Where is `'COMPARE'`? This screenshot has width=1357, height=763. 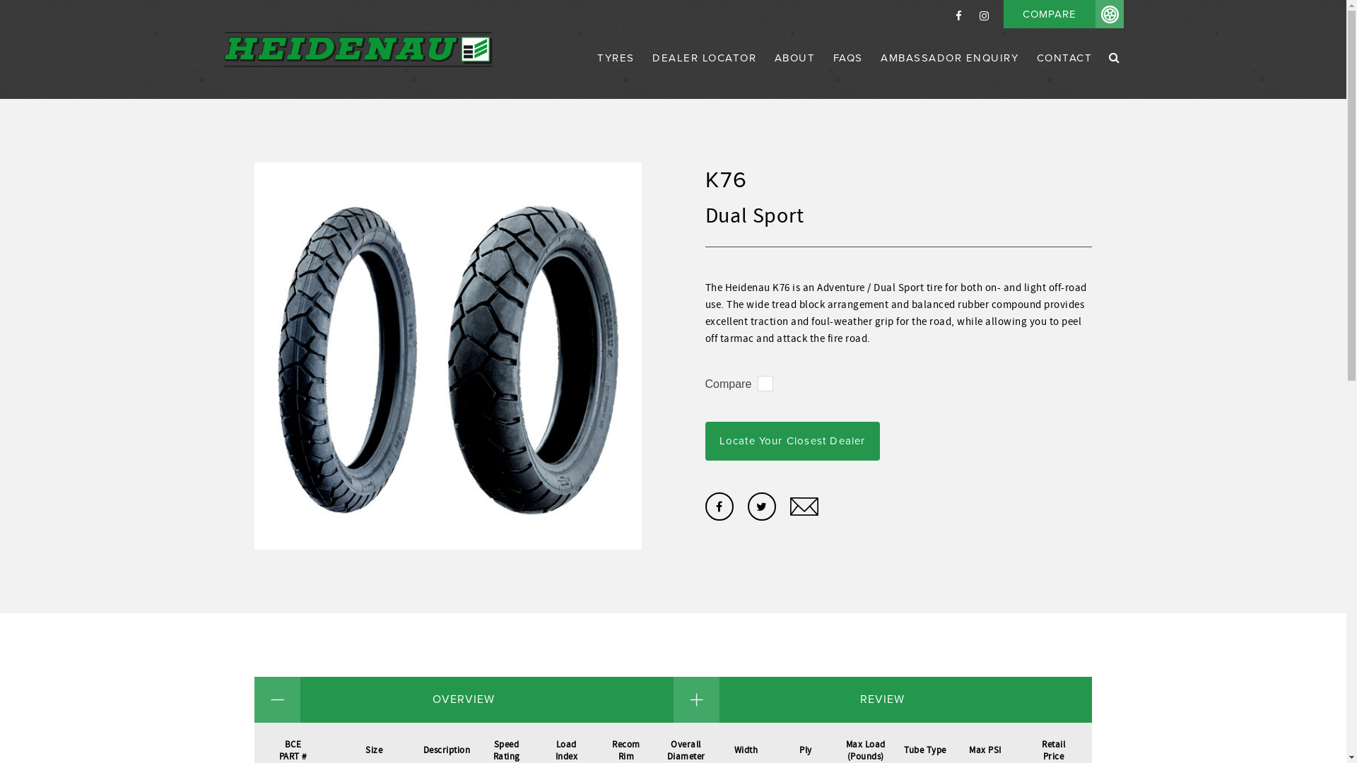
'COMPARE' is located at coordinates (1003, 13).